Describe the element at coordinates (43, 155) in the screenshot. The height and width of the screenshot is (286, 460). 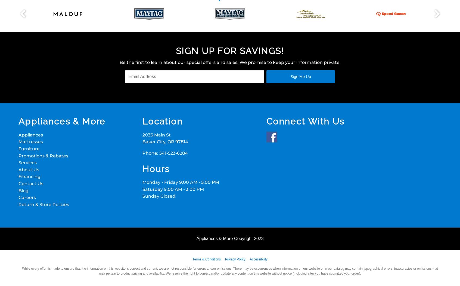
I see `'Promotions & Rebates'` at that location.